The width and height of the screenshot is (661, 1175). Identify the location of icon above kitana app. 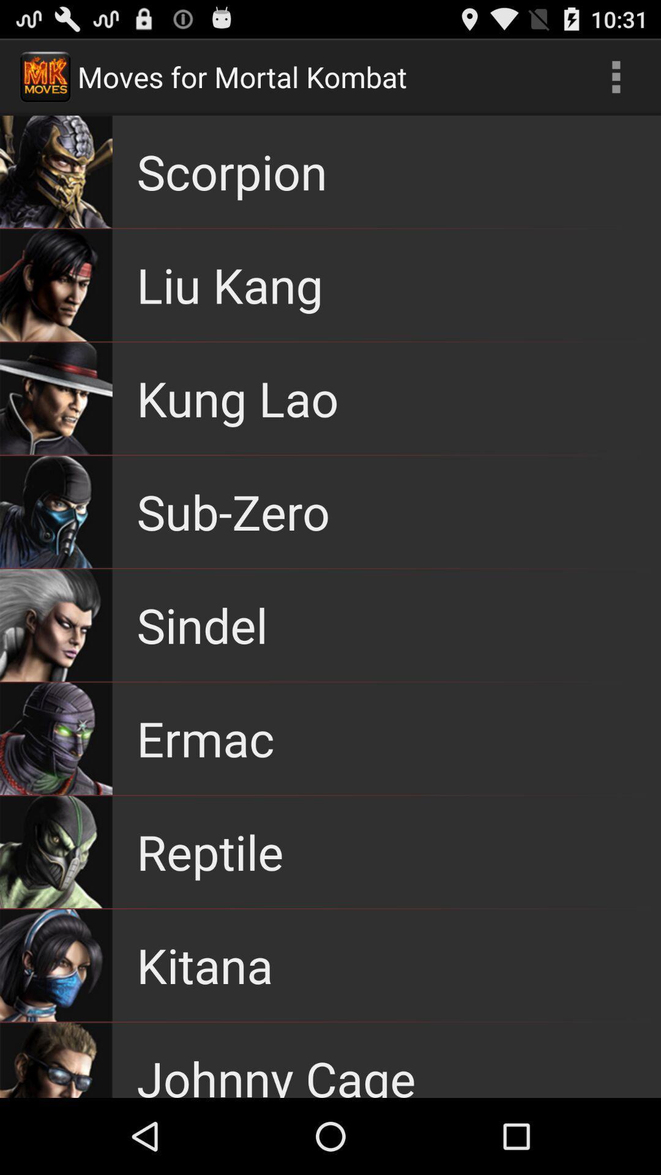
(209, 851).